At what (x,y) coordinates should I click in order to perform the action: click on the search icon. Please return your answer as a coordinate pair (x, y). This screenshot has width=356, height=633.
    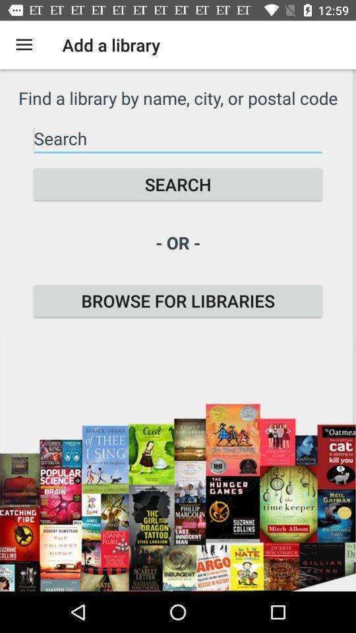
    Looking at the image, I should click on (178, 183).